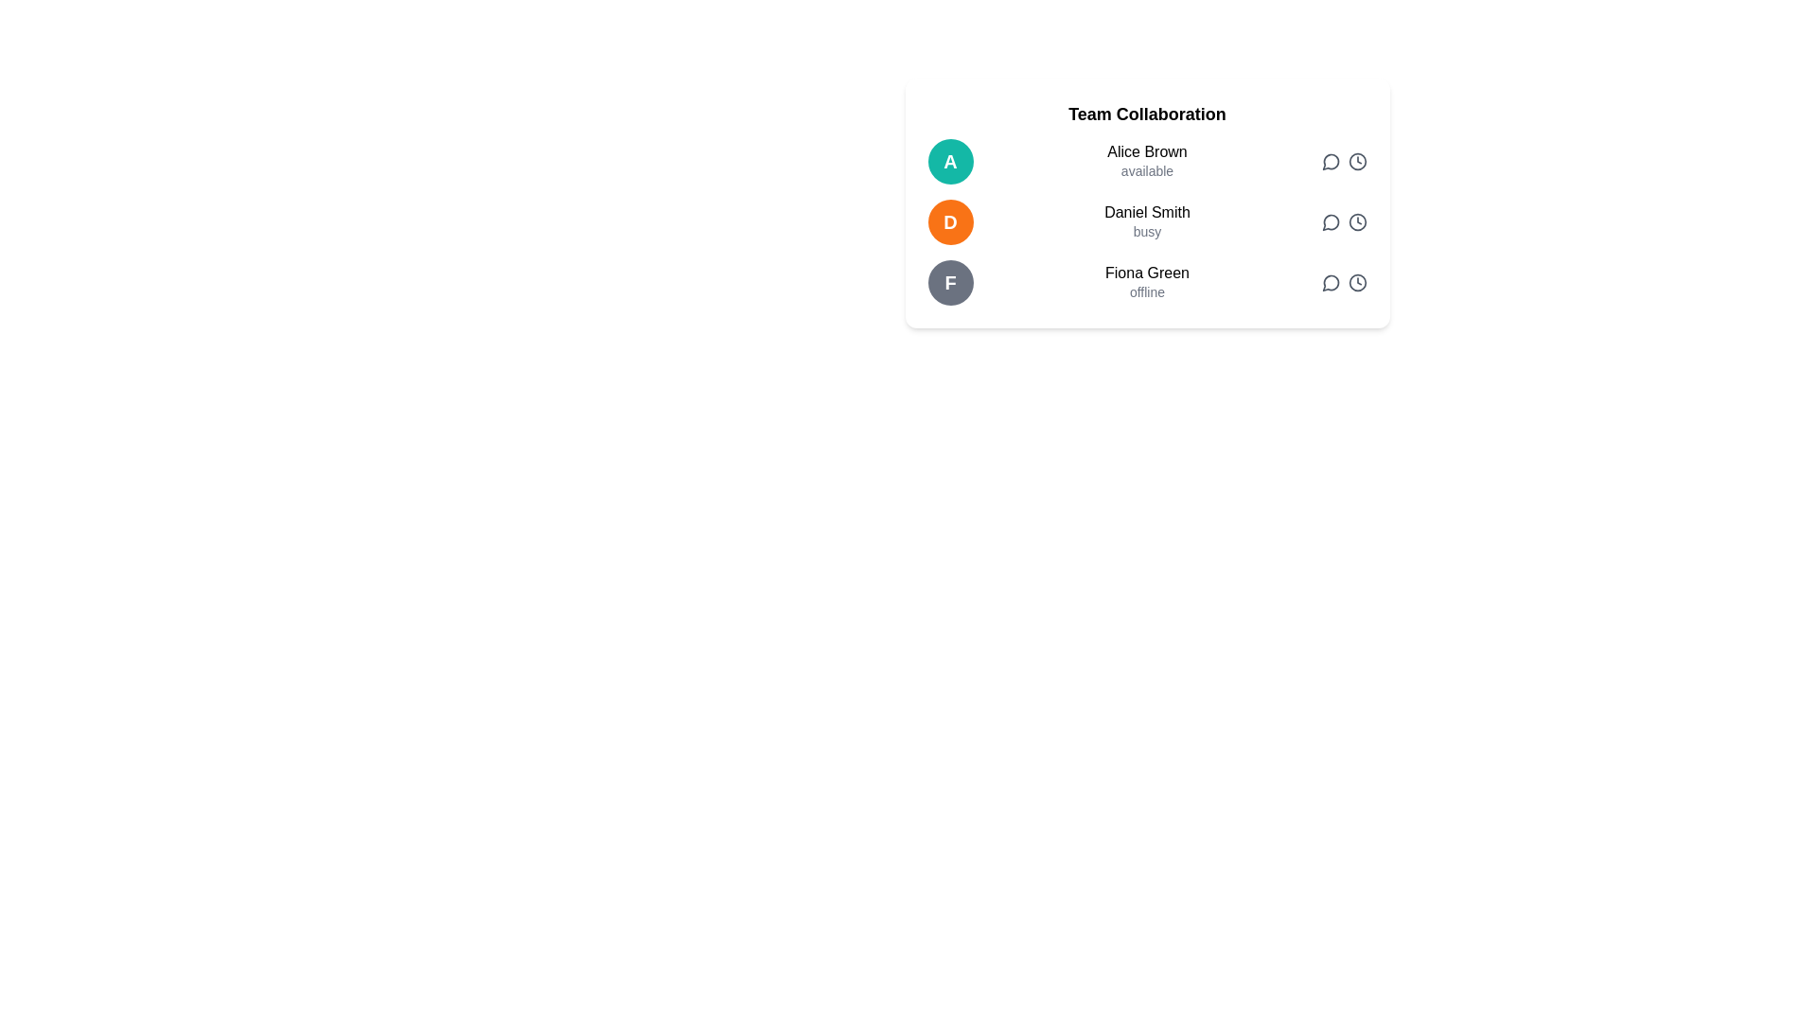  What do you see at coordinates (1146, 231) in the screenshot?
I see `the status text 'busy' located below the name 'Daniel Smith' in the team members list` at bounding box center [1146, 231].